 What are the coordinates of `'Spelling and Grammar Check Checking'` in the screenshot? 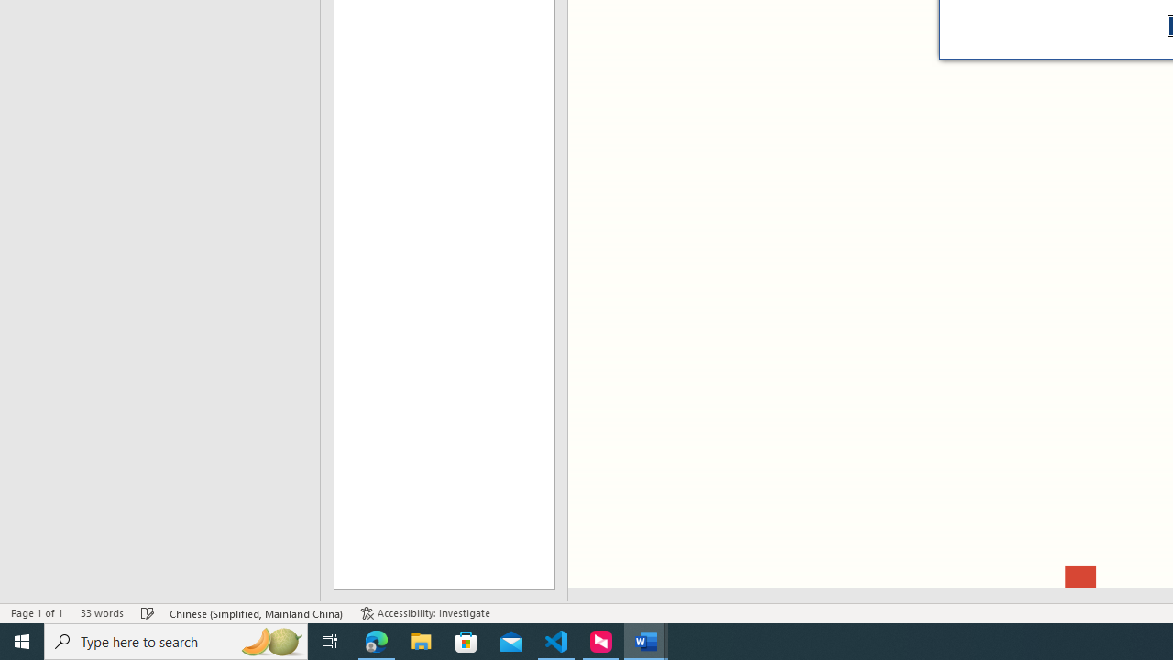 It's located at (148, 613).